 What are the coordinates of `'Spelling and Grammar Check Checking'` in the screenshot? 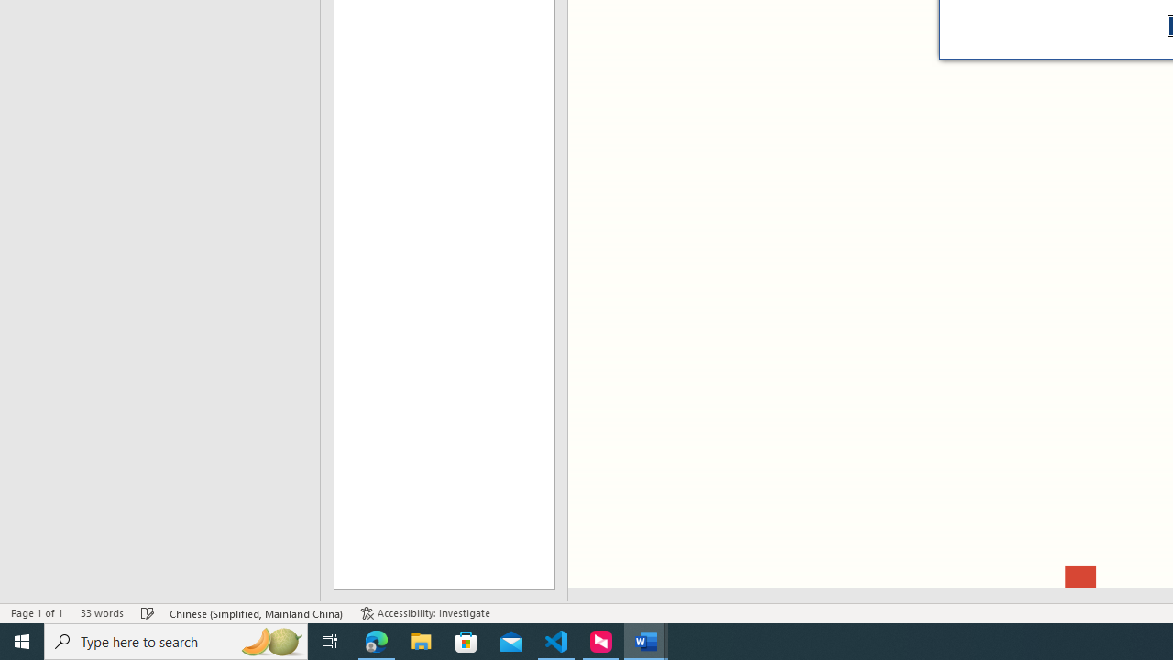 It's located at (148, 613).